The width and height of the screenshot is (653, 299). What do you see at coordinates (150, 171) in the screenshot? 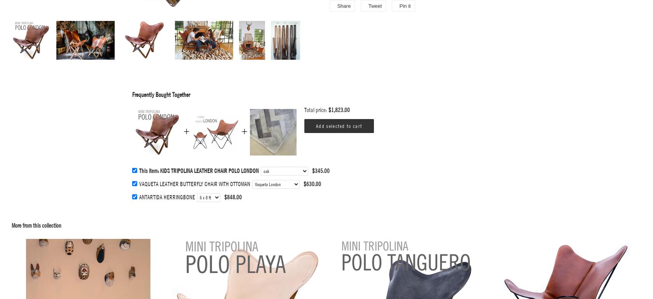
I see `'This item:'` at bounding box center [150, 171].